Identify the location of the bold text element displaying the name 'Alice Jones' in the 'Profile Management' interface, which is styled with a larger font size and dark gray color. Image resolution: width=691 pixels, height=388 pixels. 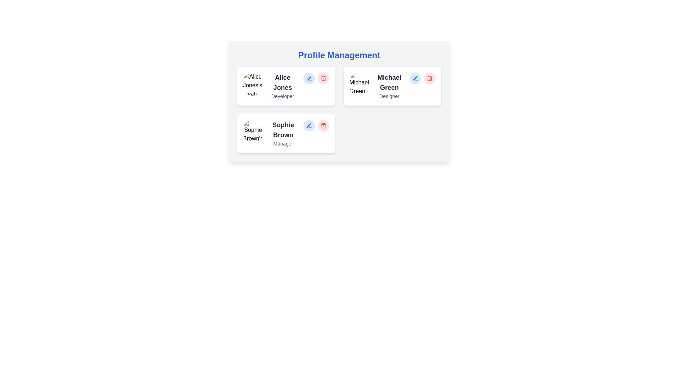
(282, 82).